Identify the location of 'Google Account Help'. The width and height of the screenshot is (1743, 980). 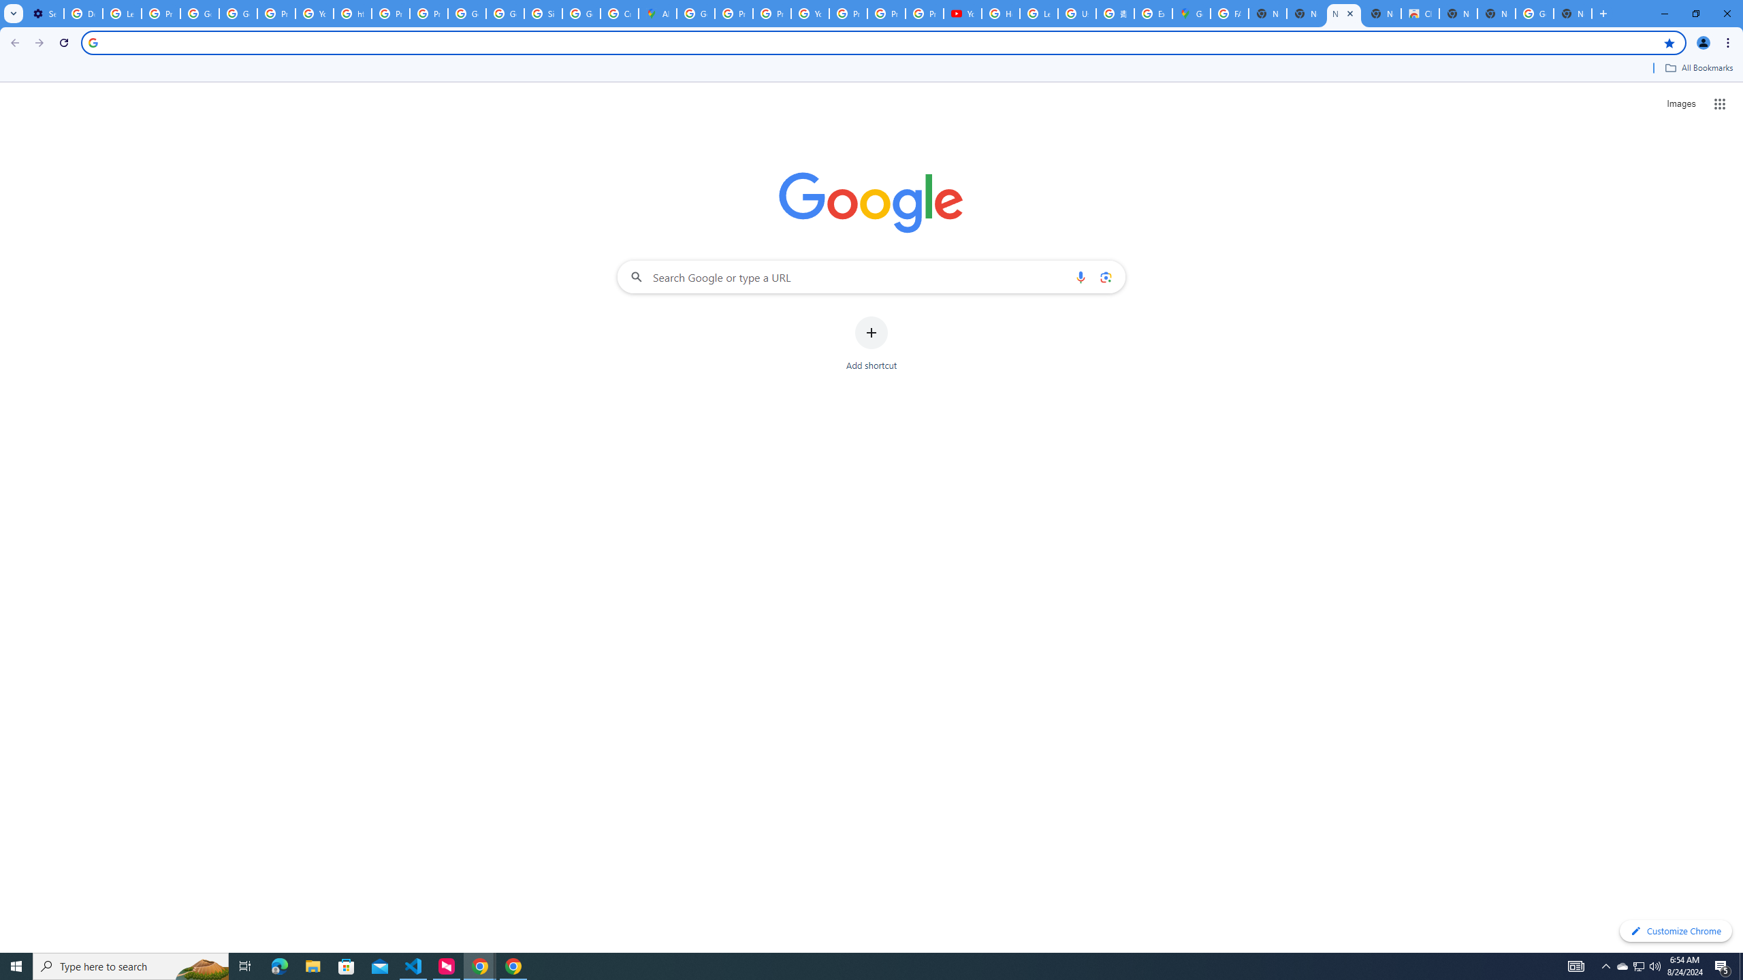
(199, 13).